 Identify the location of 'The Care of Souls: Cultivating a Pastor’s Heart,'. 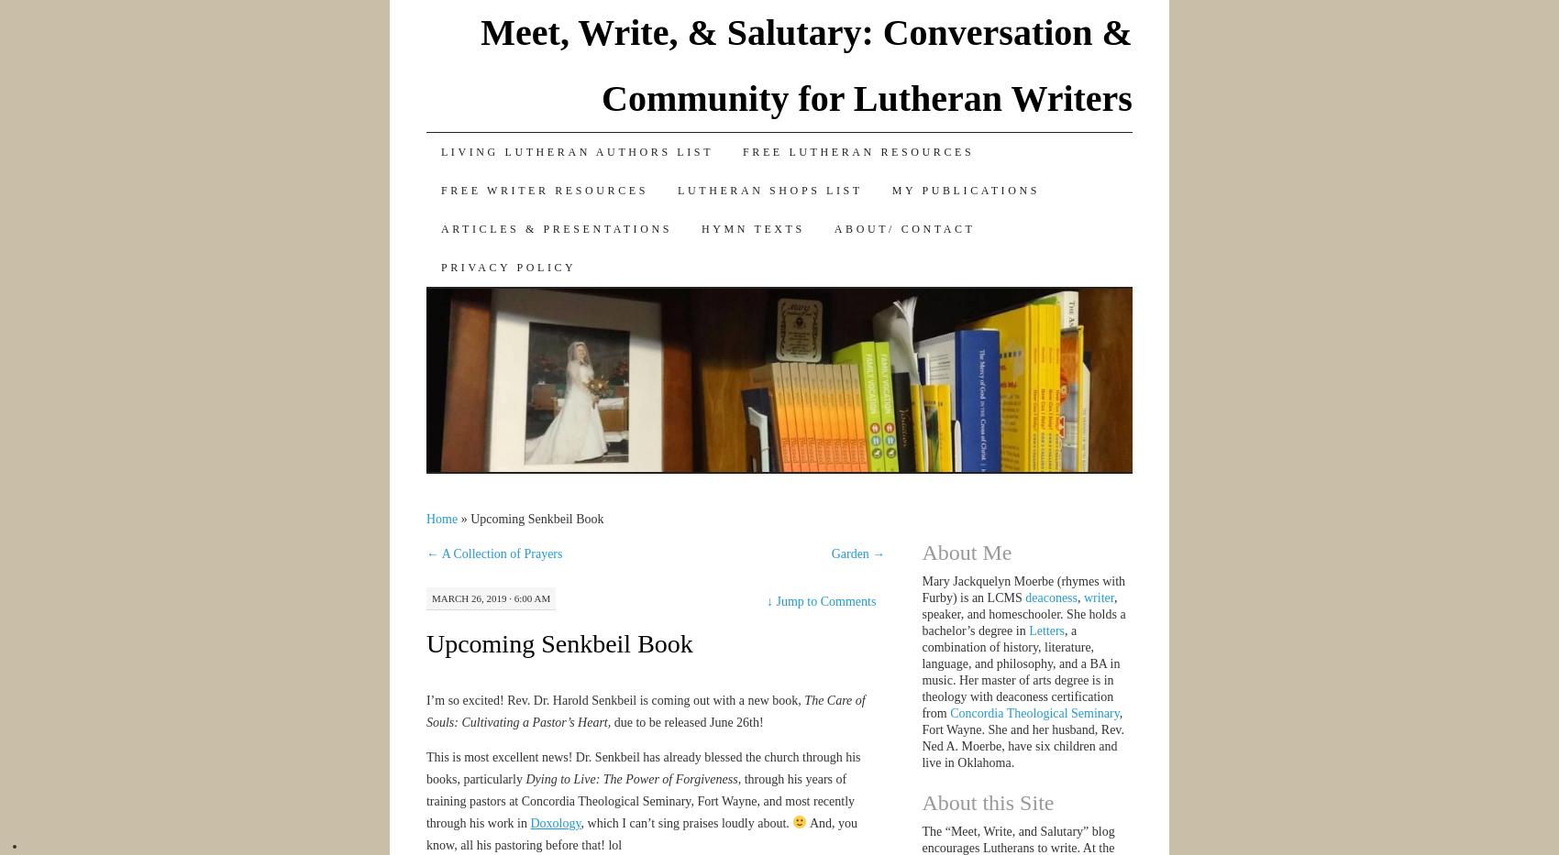
(645, 709).